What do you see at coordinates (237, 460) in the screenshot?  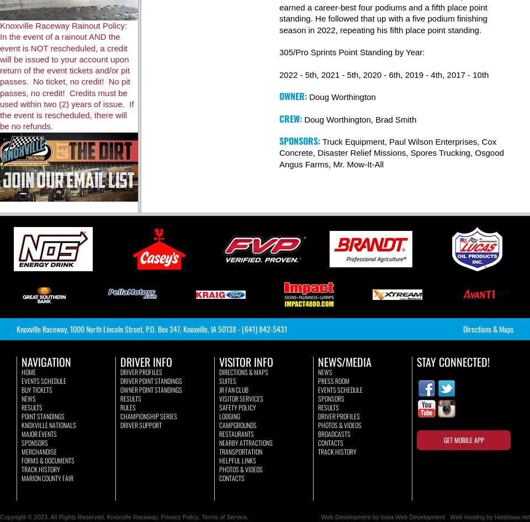 I see `'Helpful Links'` at bounding box center [237, 460].